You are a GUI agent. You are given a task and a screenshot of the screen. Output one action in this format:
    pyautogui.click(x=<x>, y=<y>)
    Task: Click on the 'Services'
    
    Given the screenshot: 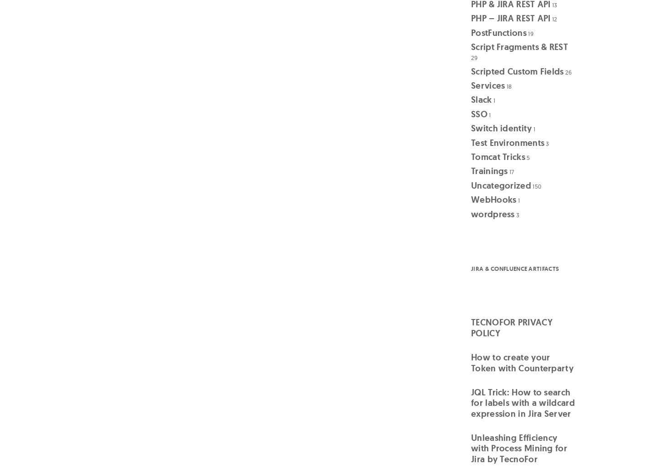 What is the action you would take?
    pyautogui.click(x=487, y=85)
    